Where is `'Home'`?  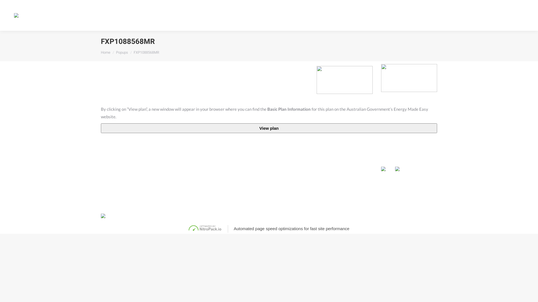
'Home' is located at coordinates (106, 52).